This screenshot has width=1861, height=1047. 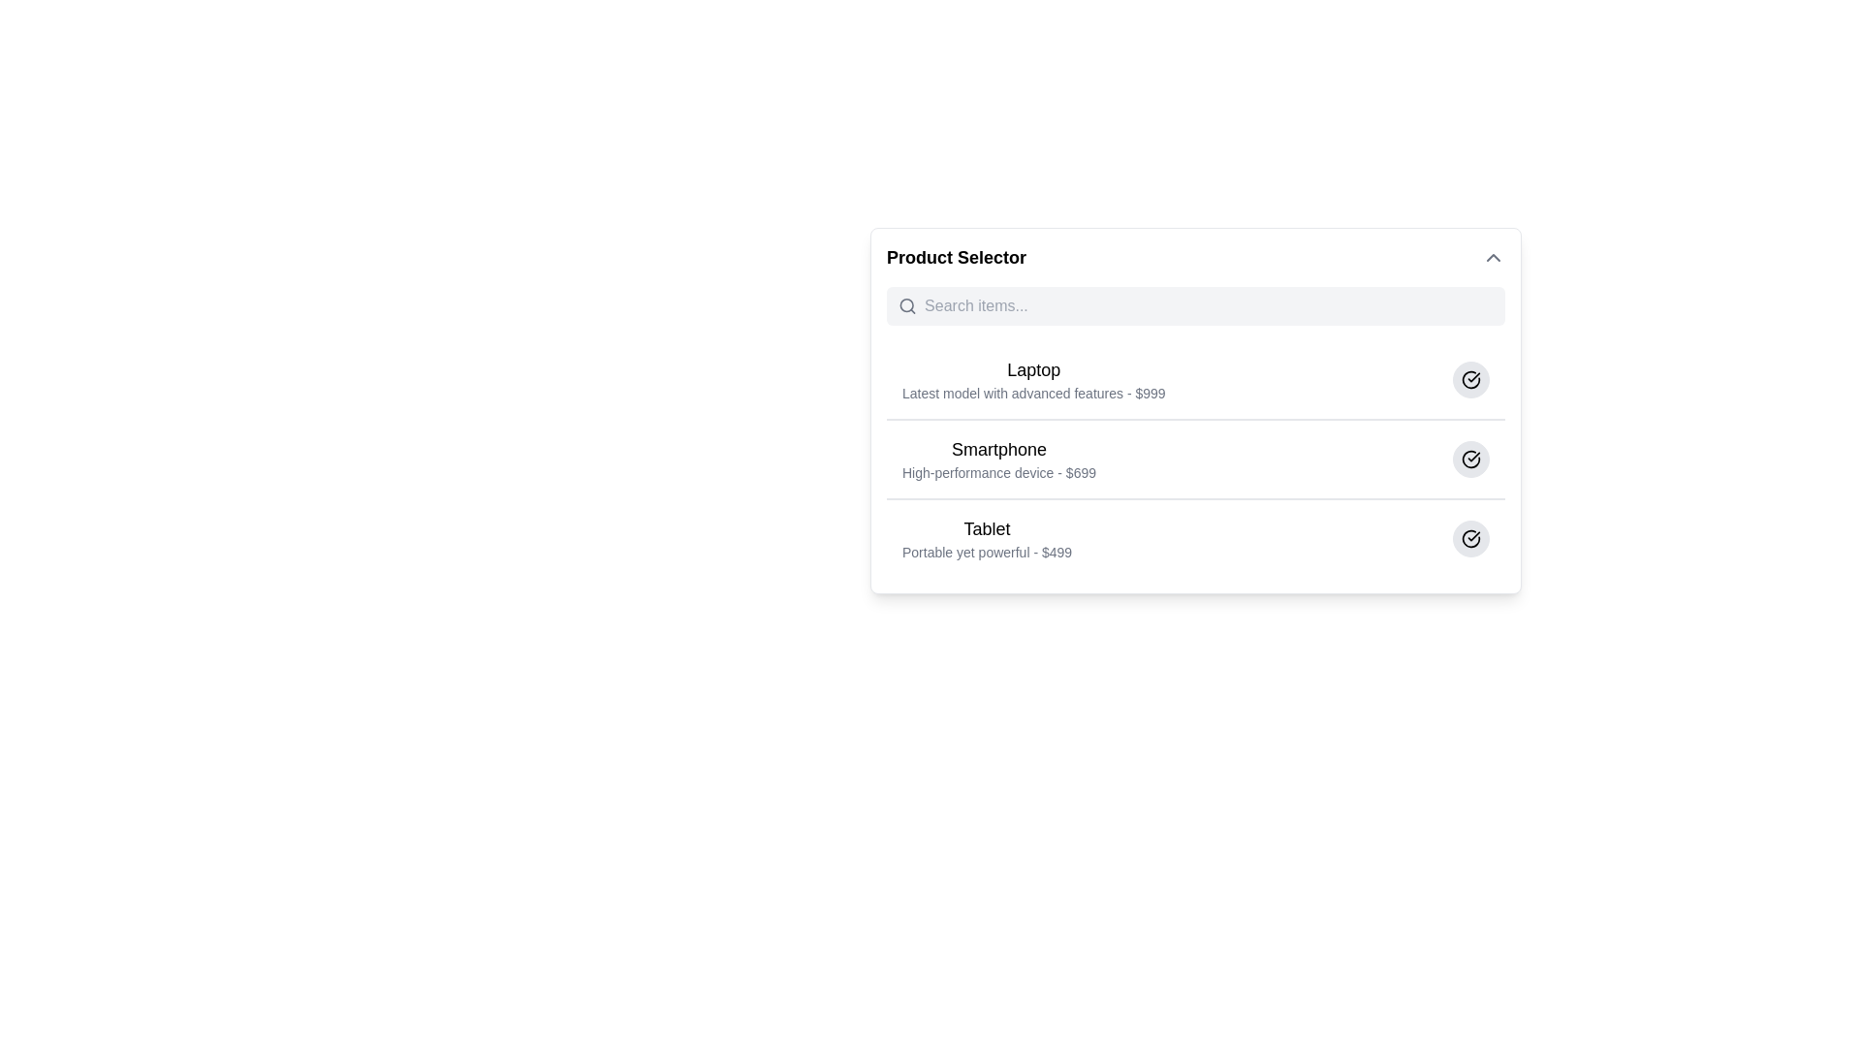 I want to click on text of the first item in the 'Product Selector' list, which includes 'Laptop' and its description 'Latest model with advanced features - $999', so click(x=1032, y=380).